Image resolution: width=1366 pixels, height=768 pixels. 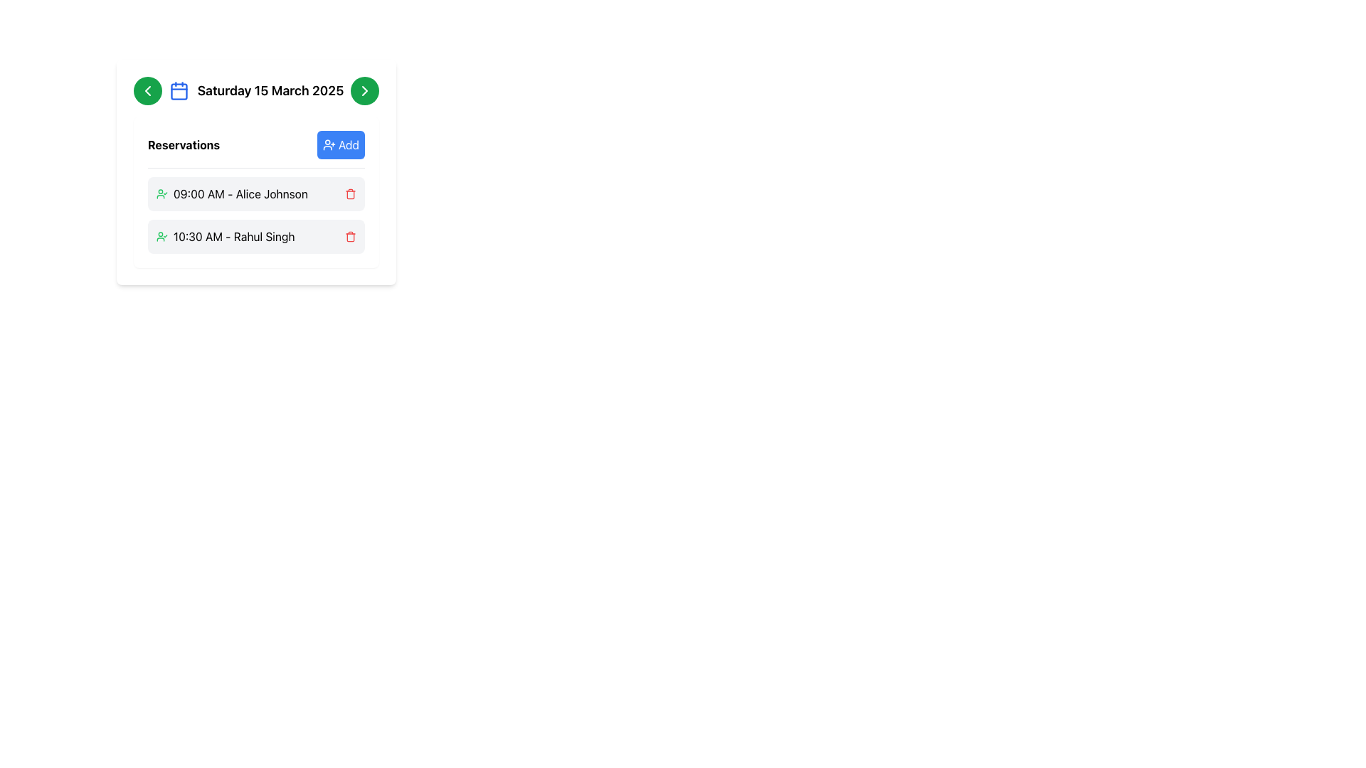 What do you see at coordinates (240, 194) in the screenshot?
I see `text displayed in the first reservation entry under the 'Reservations' heading, which shows '10:30 AM - Rahul Singh' as part of the Static Text Label for March 15, 2025` at bounding box center [240, 194].